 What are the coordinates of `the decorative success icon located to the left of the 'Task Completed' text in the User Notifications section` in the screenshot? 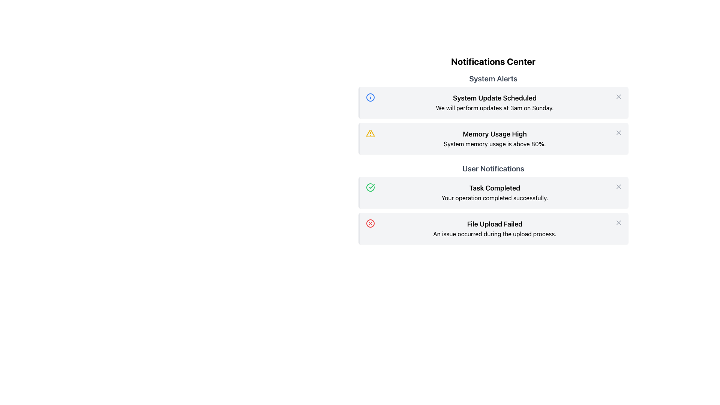 It's located at (370, 187).